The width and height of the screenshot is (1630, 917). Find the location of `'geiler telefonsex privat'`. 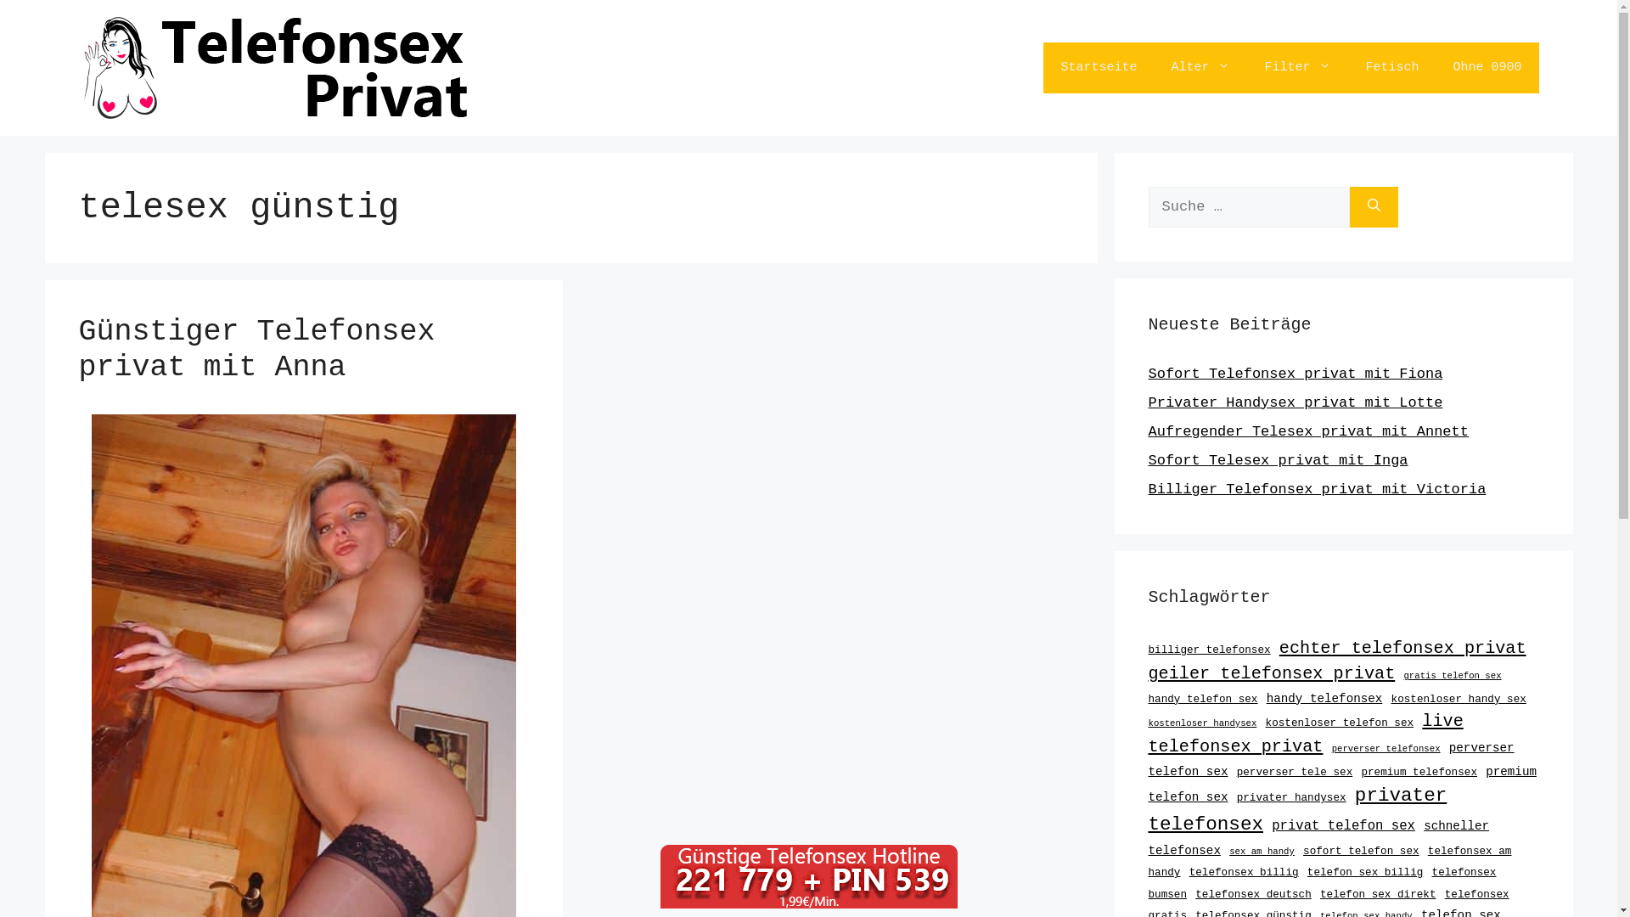

'geiler telefonsex privat' is located at coordinates (1271, 672).